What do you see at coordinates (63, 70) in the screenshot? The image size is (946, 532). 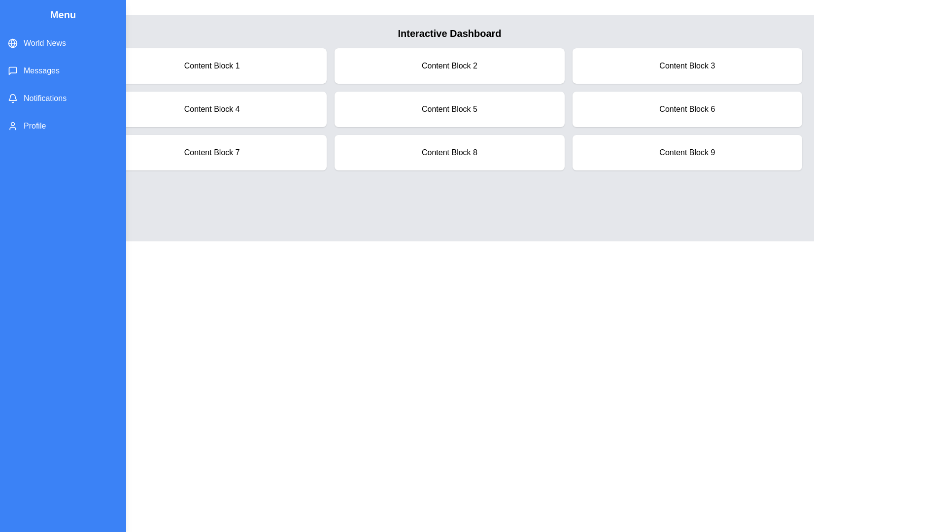 I see `the menu item Messages to highlight it` at bounding box center [63, 70].